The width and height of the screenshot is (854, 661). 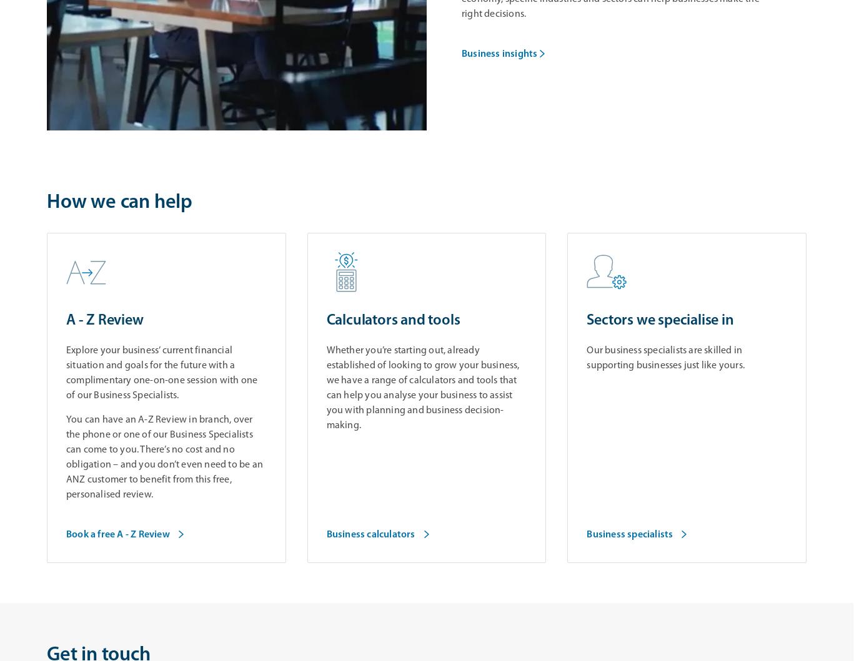 What do you see at coordinates (117, 535) in the screenshot?
I see `'Book a free A - Z Review'` at bounding box center [117, 535].